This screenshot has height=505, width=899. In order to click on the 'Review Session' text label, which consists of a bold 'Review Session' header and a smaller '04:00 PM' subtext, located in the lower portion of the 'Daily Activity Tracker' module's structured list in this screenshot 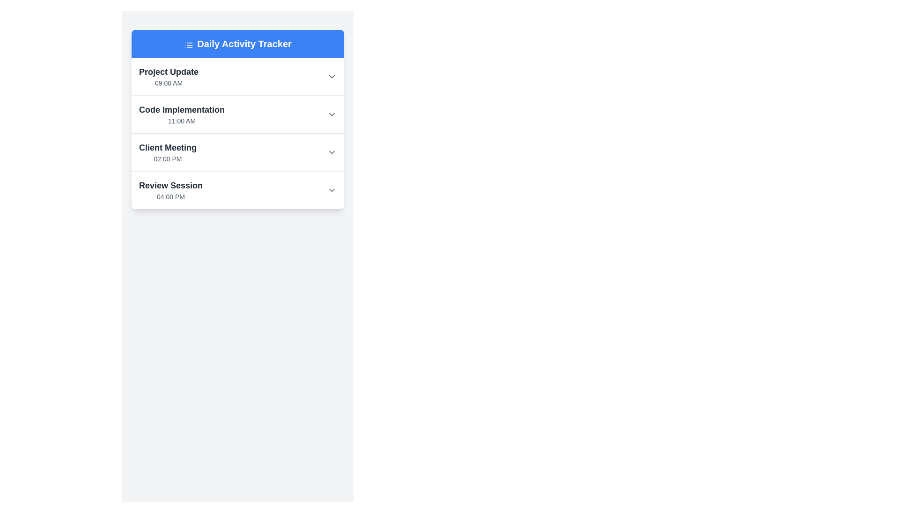, I will do `click(170, 190)`.